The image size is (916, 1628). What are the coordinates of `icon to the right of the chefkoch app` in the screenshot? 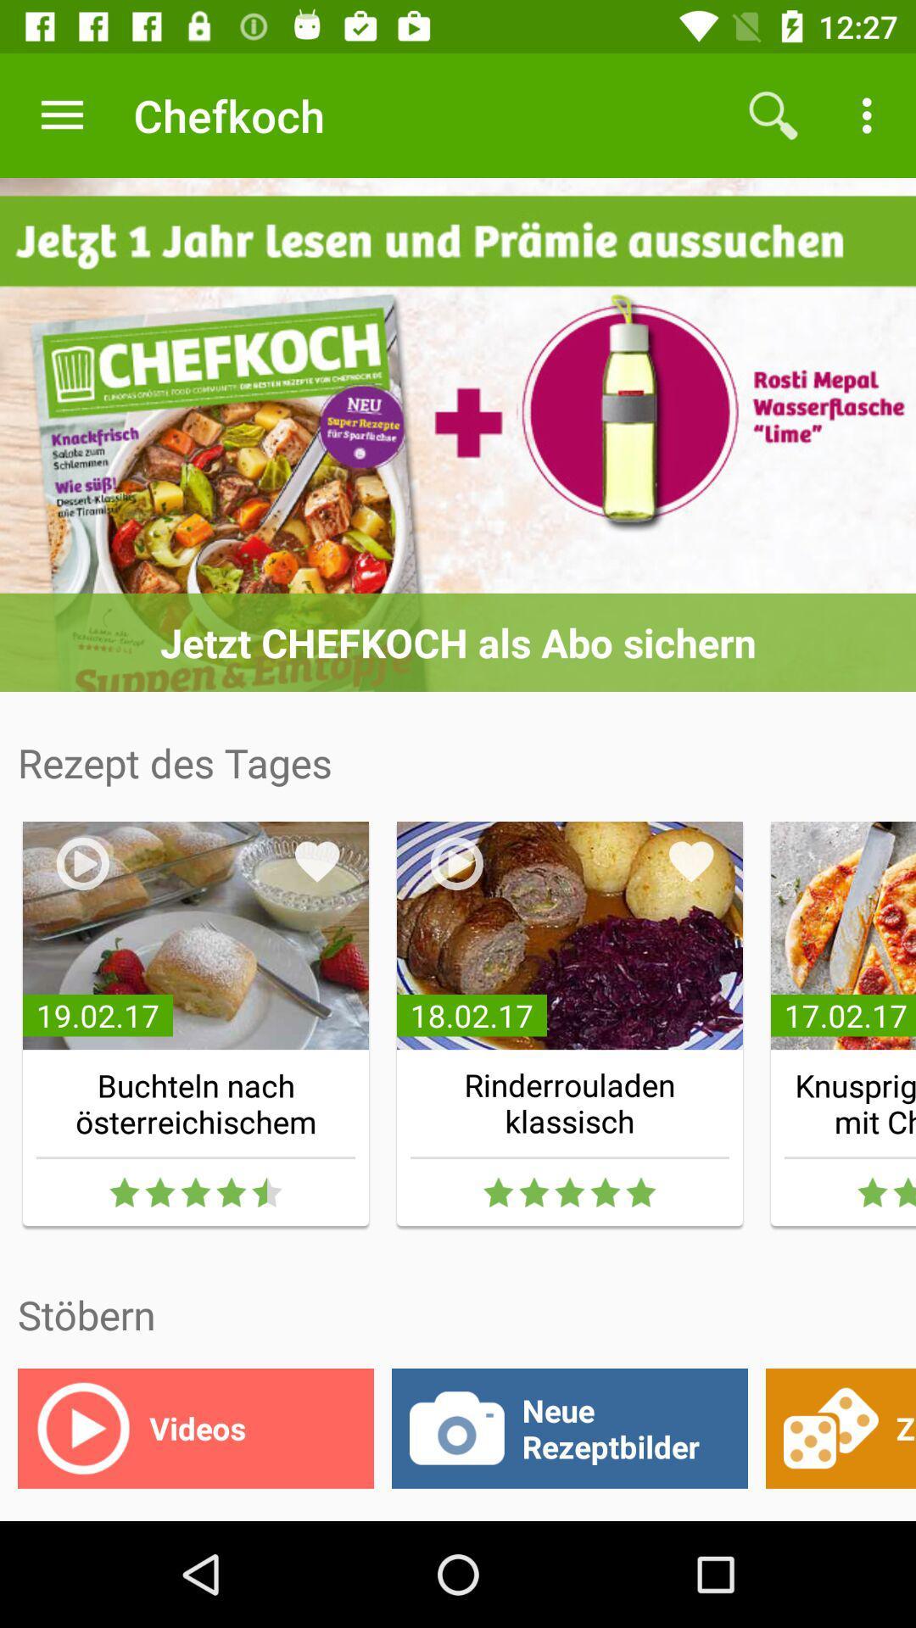 It's located at (773, 114).